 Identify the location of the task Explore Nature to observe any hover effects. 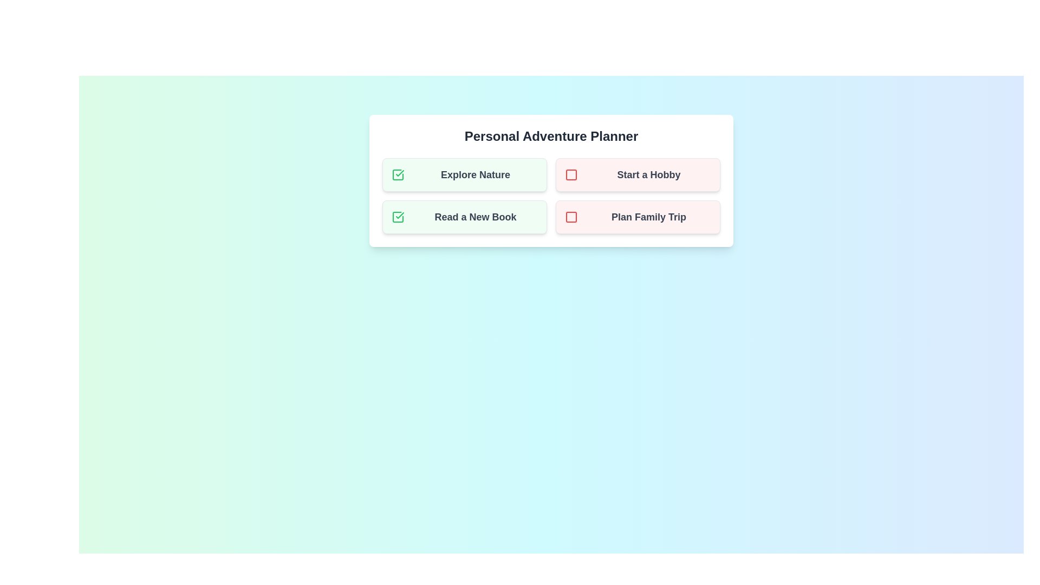
(465, 174).